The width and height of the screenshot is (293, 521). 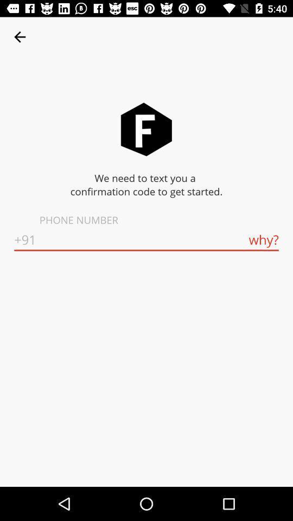 I want to click on typing, so click(x=146, y=240).